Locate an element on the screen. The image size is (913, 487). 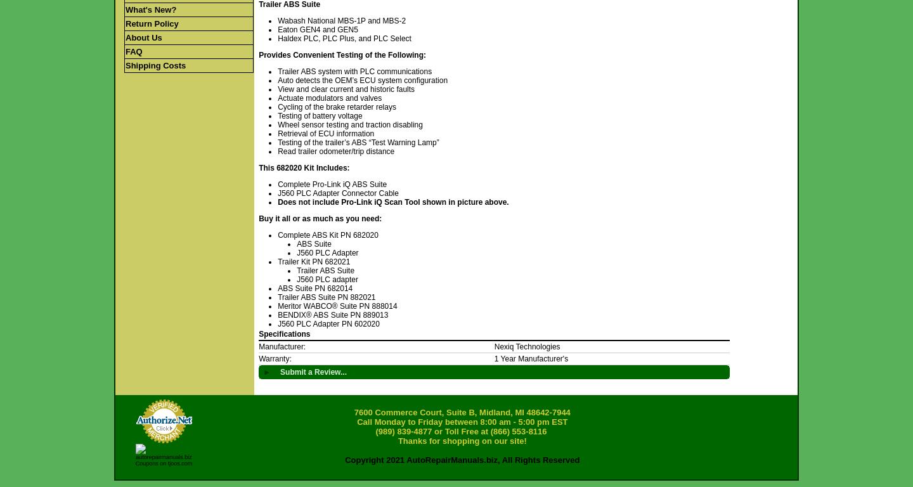
'J560 PLC Adapter' is located at coordinates (327, 251).